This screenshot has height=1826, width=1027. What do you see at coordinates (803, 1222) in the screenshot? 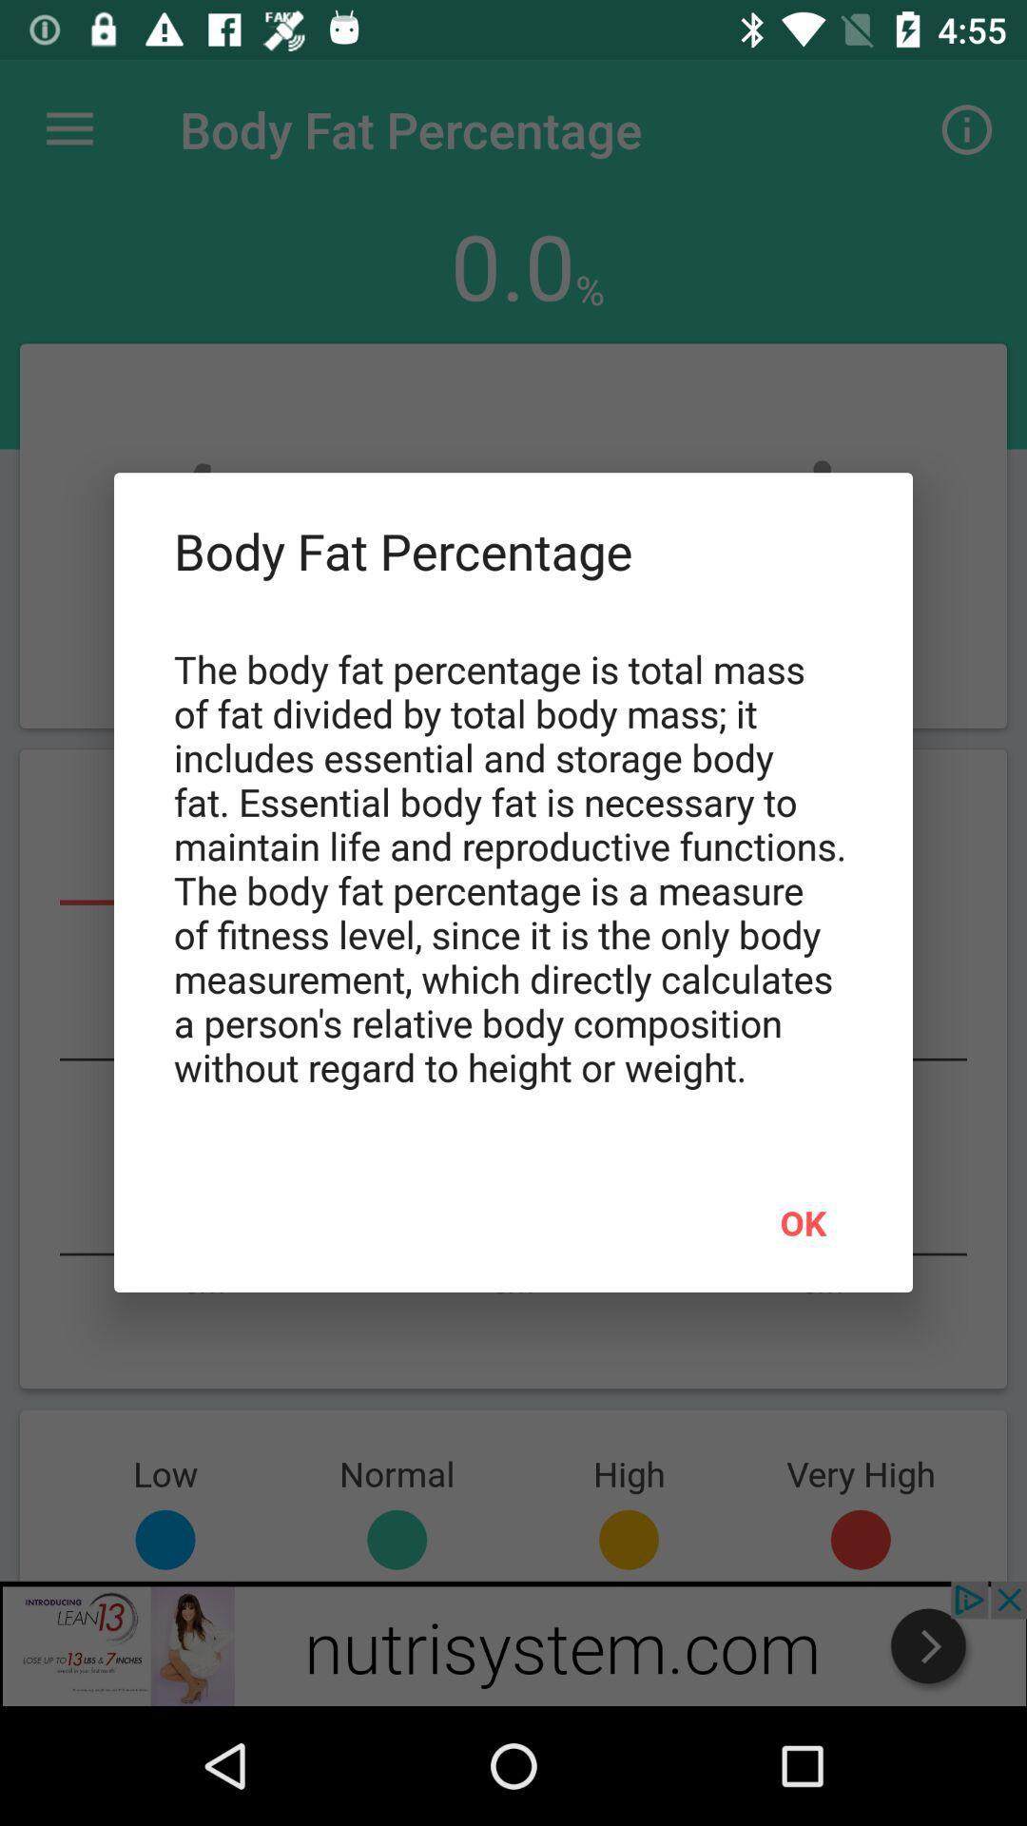
I see `the item below the body fat icon` at bounding box center [803, 1222].